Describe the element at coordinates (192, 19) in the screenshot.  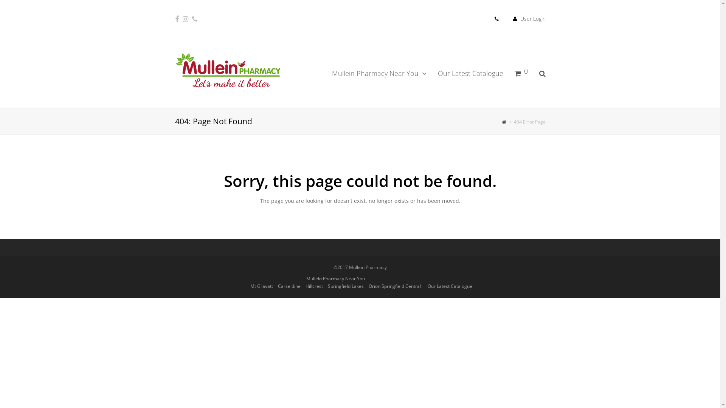
I see `'Phone'` at that location.